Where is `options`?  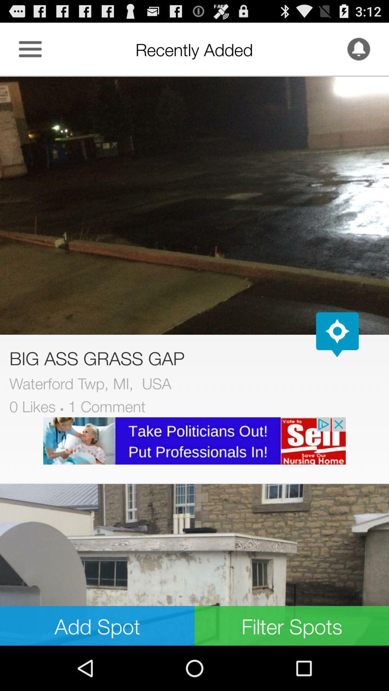
options is located at coordinates (30, 49).